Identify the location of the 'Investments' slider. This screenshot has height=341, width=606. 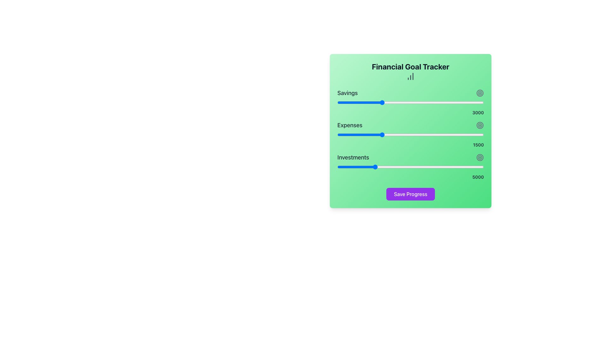
(374, 166).